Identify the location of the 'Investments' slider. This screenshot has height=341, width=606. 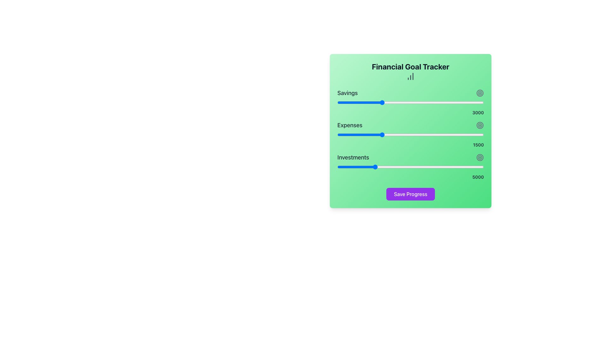
(374, 166).